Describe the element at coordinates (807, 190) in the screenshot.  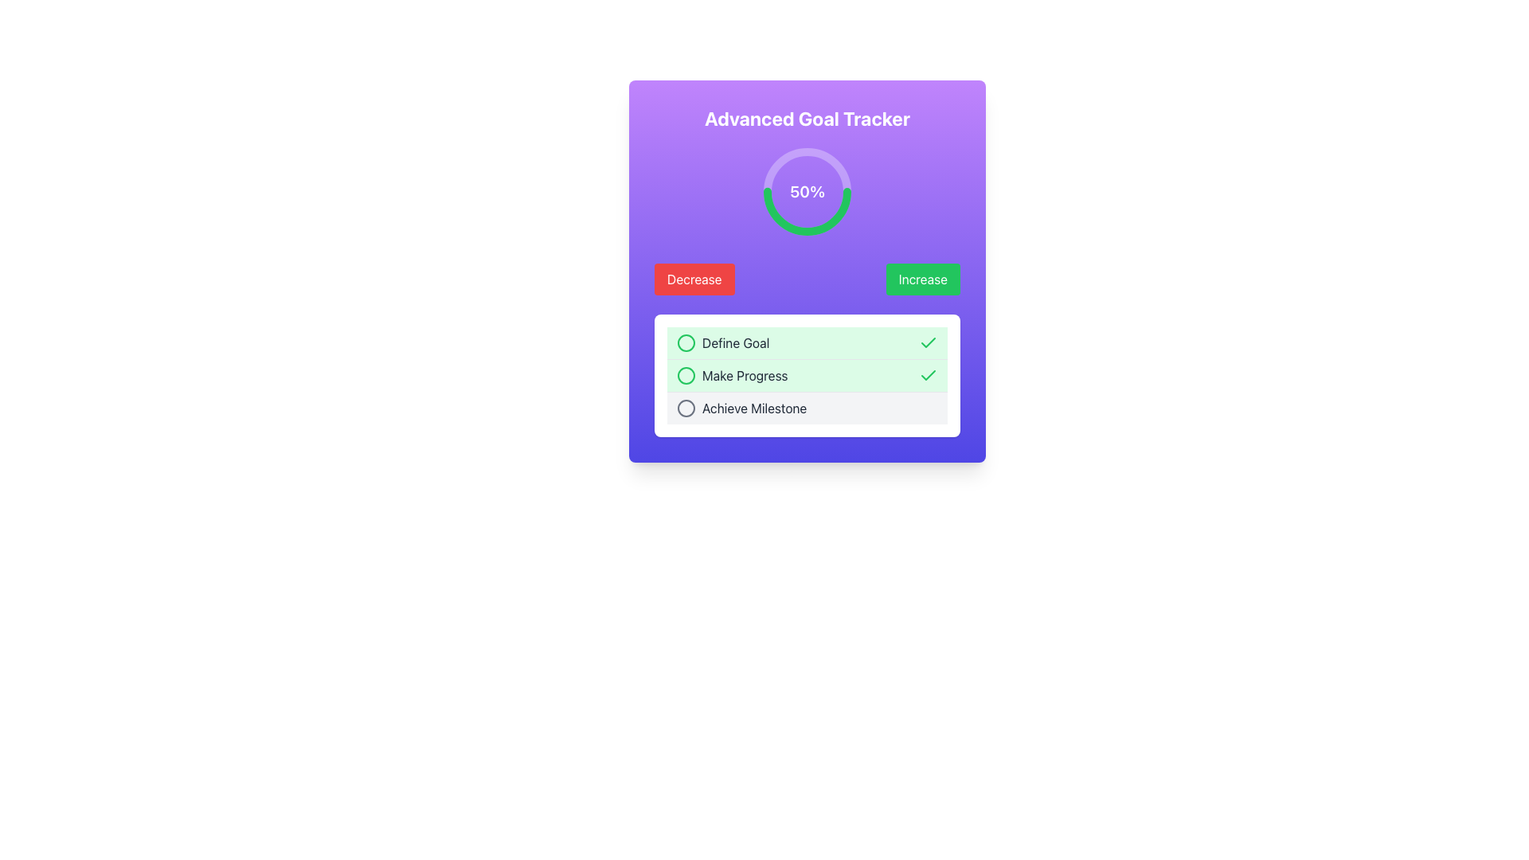
I see `the Circular Progress Indicator, which is centered within the purple card titled 'Advanced Goal Tracker', located directly below the title text and above the 'Decrease' and 'Increase' buttons` at that location.